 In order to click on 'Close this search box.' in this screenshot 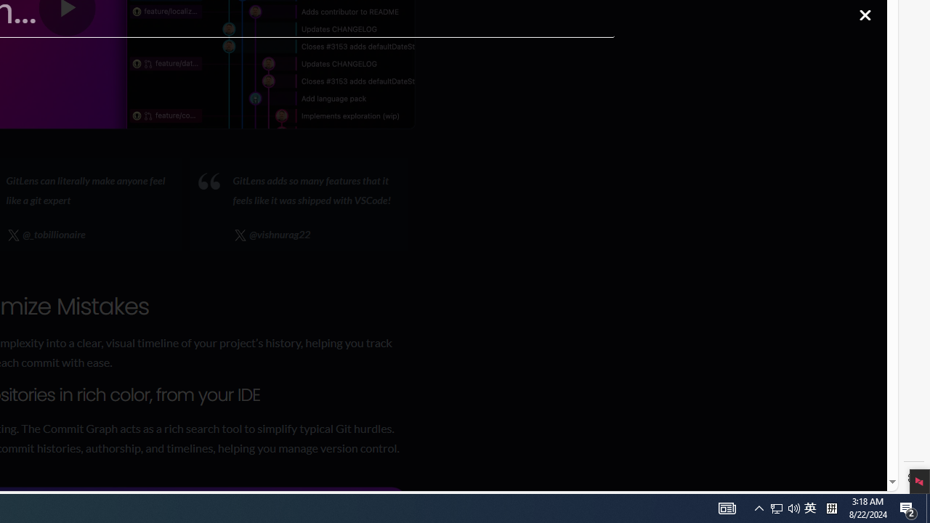, I will do `click(865, 15)`.